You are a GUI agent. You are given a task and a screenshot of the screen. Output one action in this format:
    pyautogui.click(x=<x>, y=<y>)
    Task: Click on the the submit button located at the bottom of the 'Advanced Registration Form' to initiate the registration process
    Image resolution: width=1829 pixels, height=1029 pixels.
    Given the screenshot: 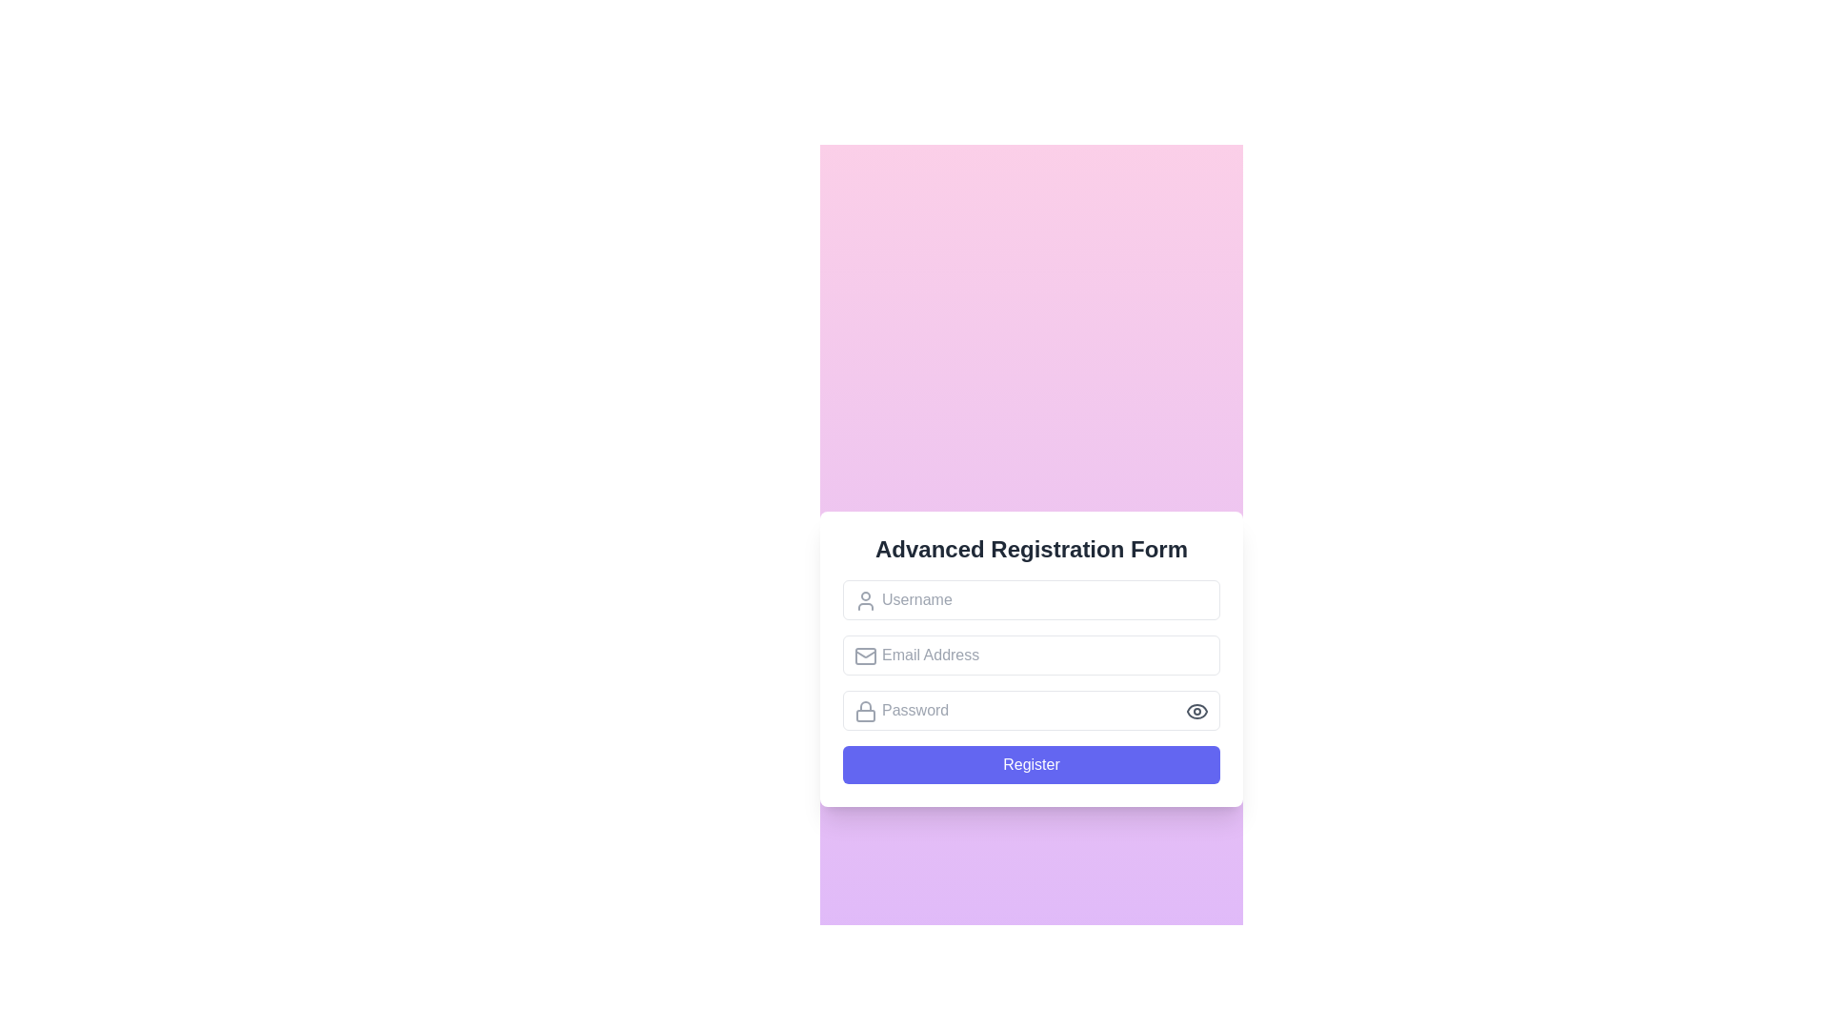 What is the action you would take?
    pyautogui.click(x=1031, y=763)
    